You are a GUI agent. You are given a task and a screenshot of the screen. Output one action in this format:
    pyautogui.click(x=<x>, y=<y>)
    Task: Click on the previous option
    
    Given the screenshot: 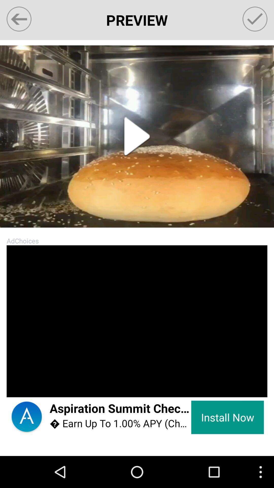 What is the action you would take?
    pyautogui.click(x=19, y=19)
    